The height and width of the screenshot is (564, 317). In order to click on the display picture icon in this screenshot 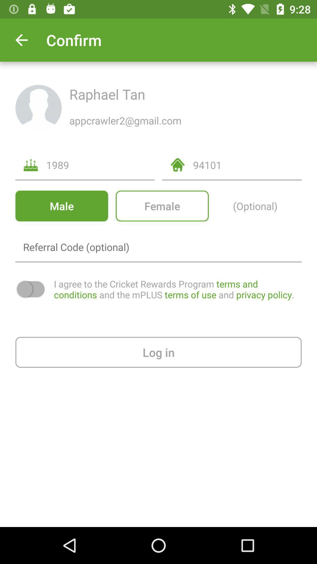, I will do `click(38, 108)`.